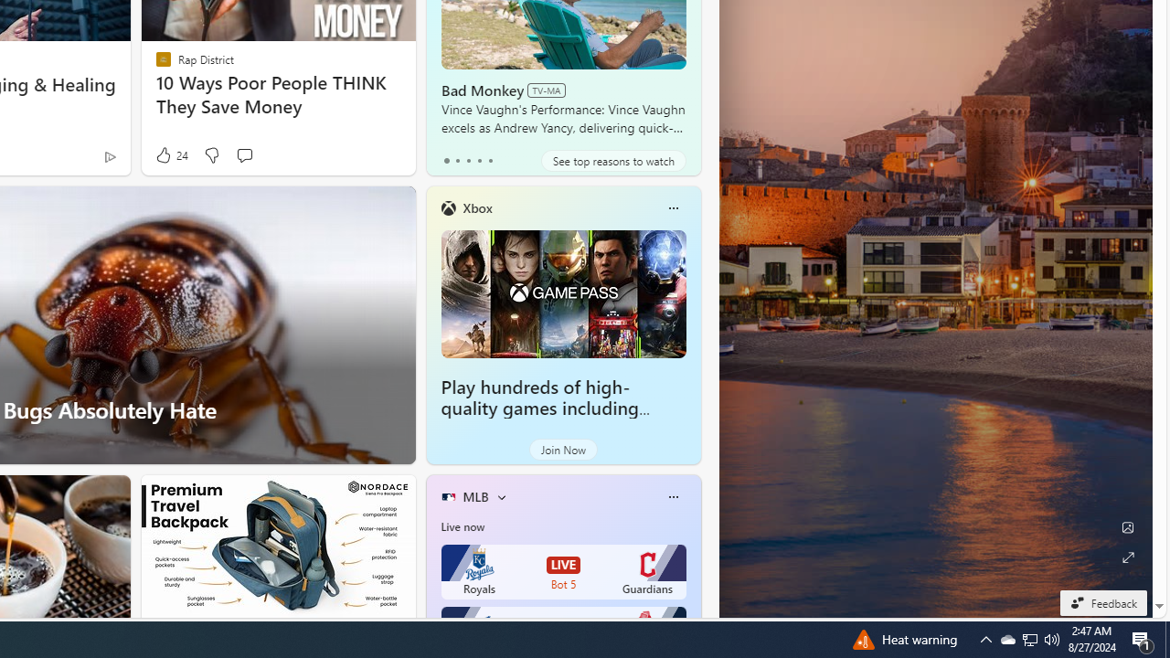 Image resolution: width=1170 pixels, height=658 pixels. Describe the element at coordinates (562, 571) in the screenshot. I see `'Royals LIVE Bot 5 Guardians'` at that location.